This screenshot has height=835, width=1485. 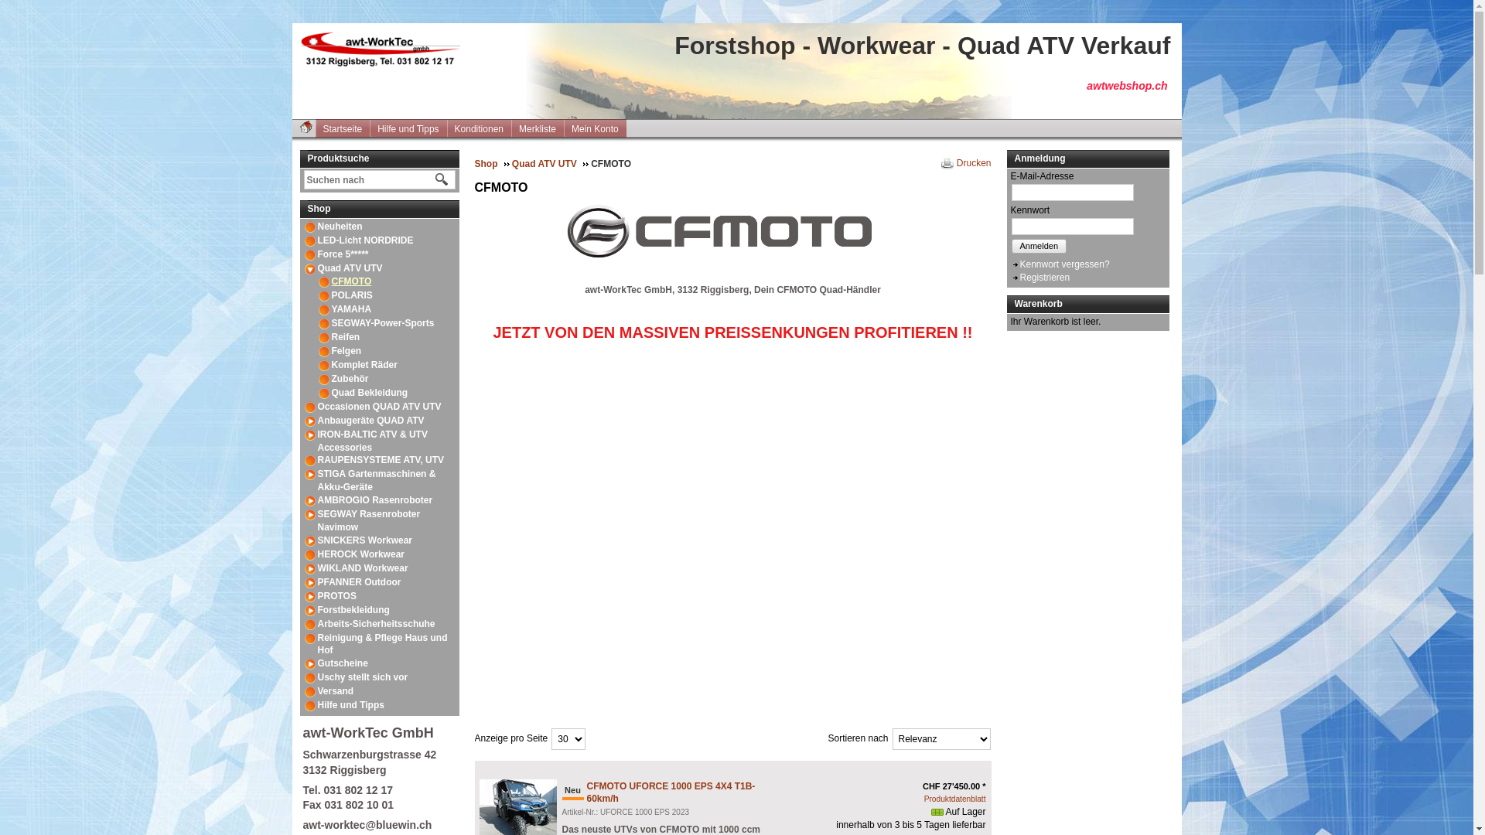 What do you see at coordinates (351, 309) in the screenshot?
I see `'YAMAHA'` at bounding box center [351, 309].